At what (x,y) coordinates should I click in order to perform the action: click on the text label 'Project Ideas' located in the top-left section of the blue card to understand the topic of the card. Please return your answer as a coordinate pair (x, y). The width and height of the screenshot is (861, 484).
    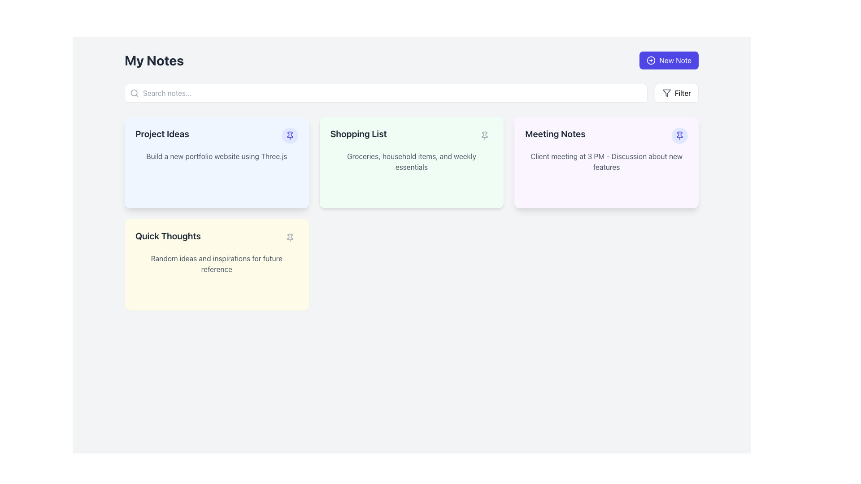
    Looking at the image, I should click on (162, 134).